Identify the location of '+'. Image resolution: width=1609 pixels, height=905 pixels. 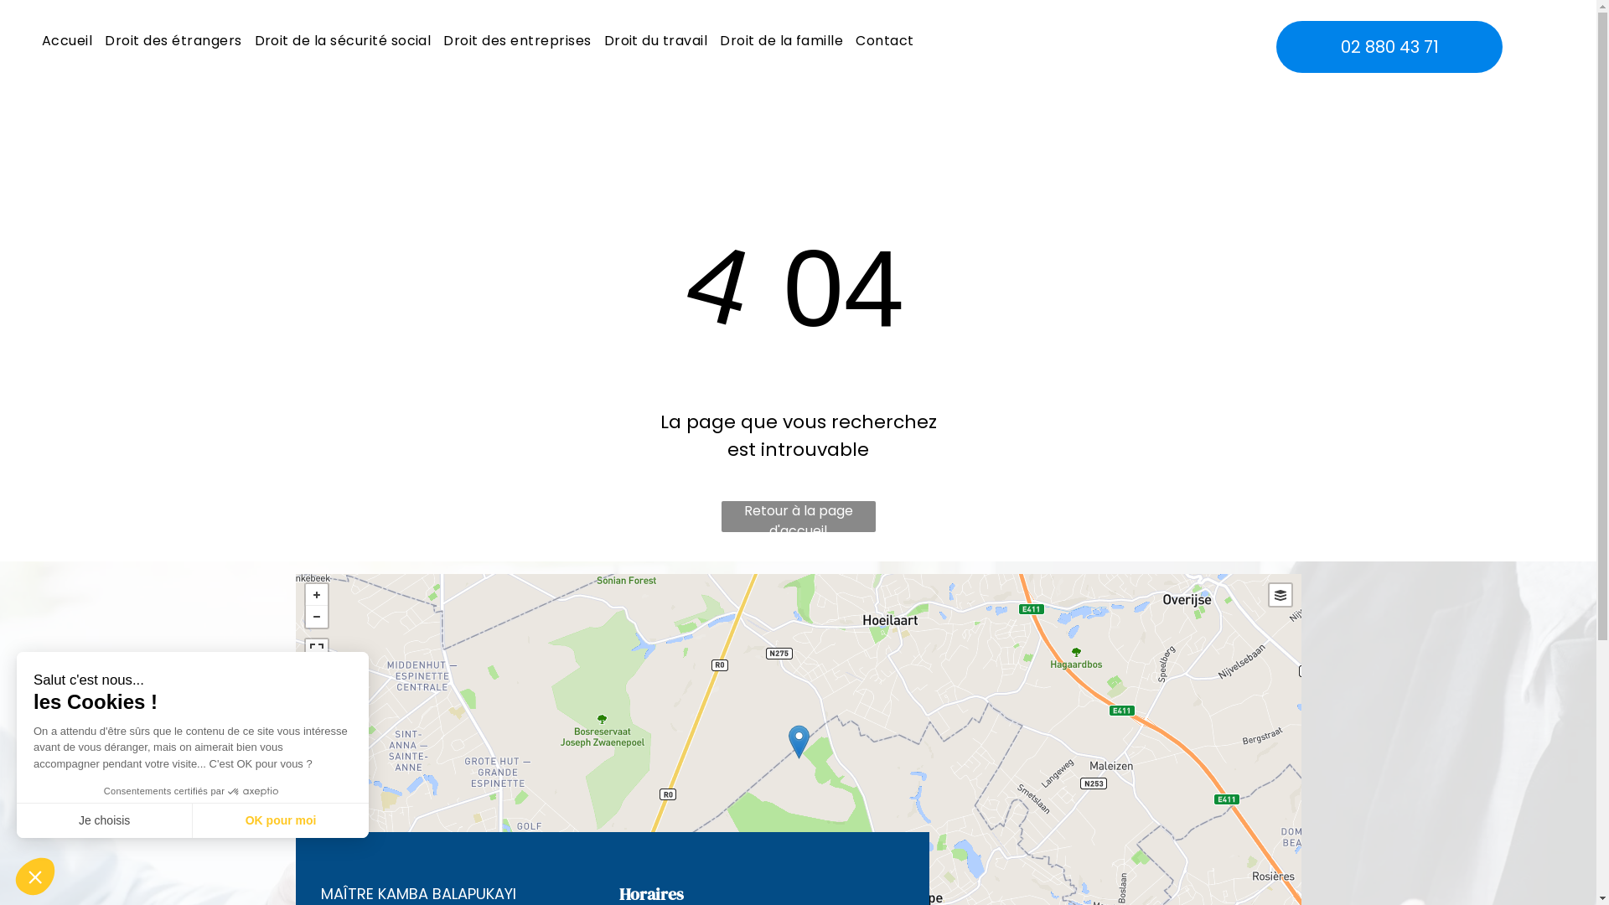
(316, 593).